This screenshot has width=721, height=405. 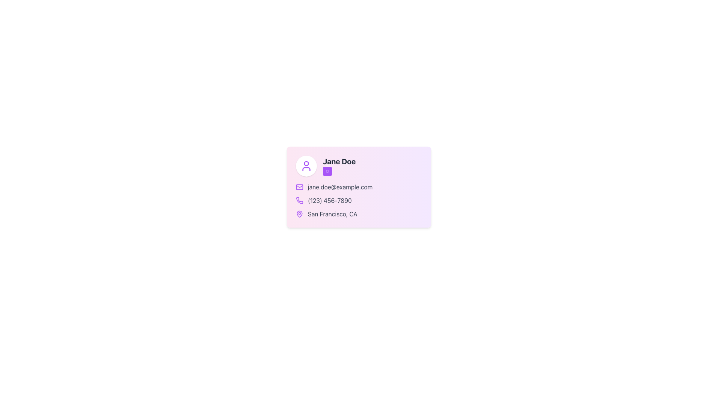 I want to click on the inner rectangle of the envelope icon that represents the envelope's main body, so click(x=299, y=186).